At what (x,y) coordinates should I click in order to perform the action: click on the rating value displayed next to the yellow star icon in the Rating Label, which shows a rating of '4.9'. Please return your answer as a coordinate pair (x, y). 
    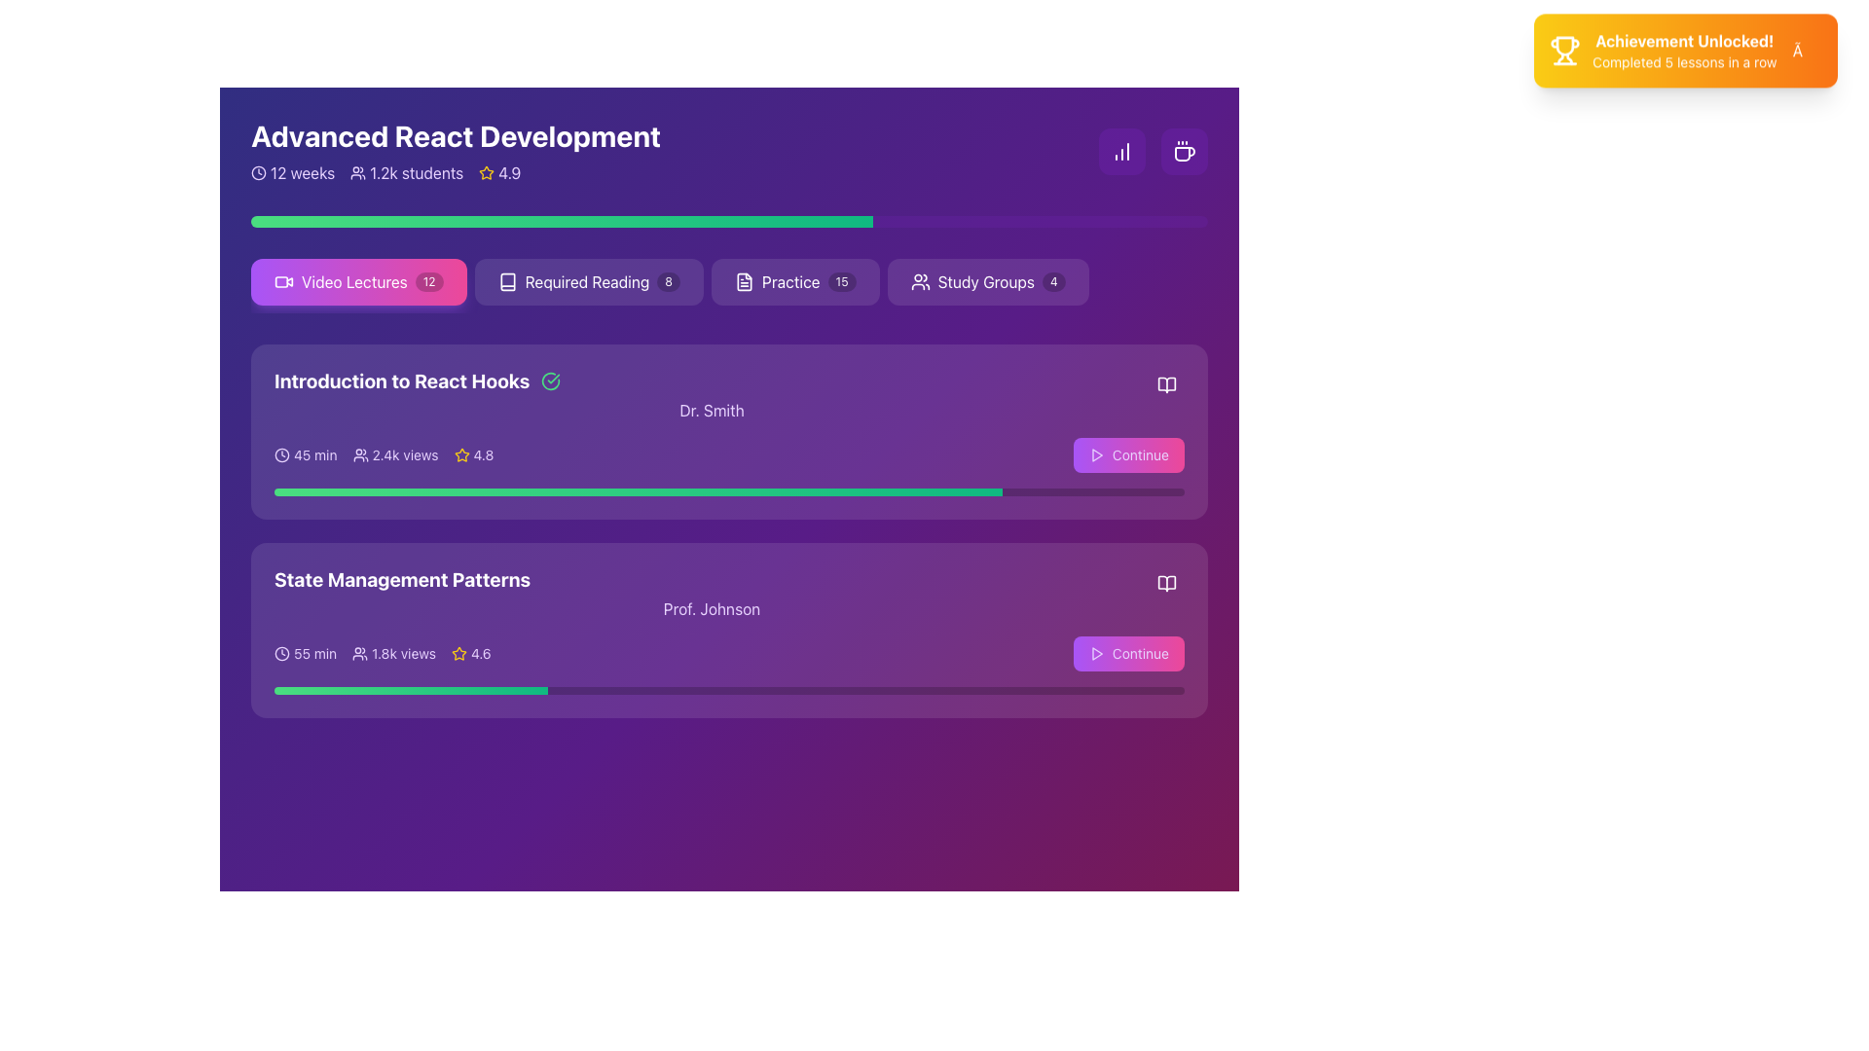
    Looking at the image, I should click on (499, 171).